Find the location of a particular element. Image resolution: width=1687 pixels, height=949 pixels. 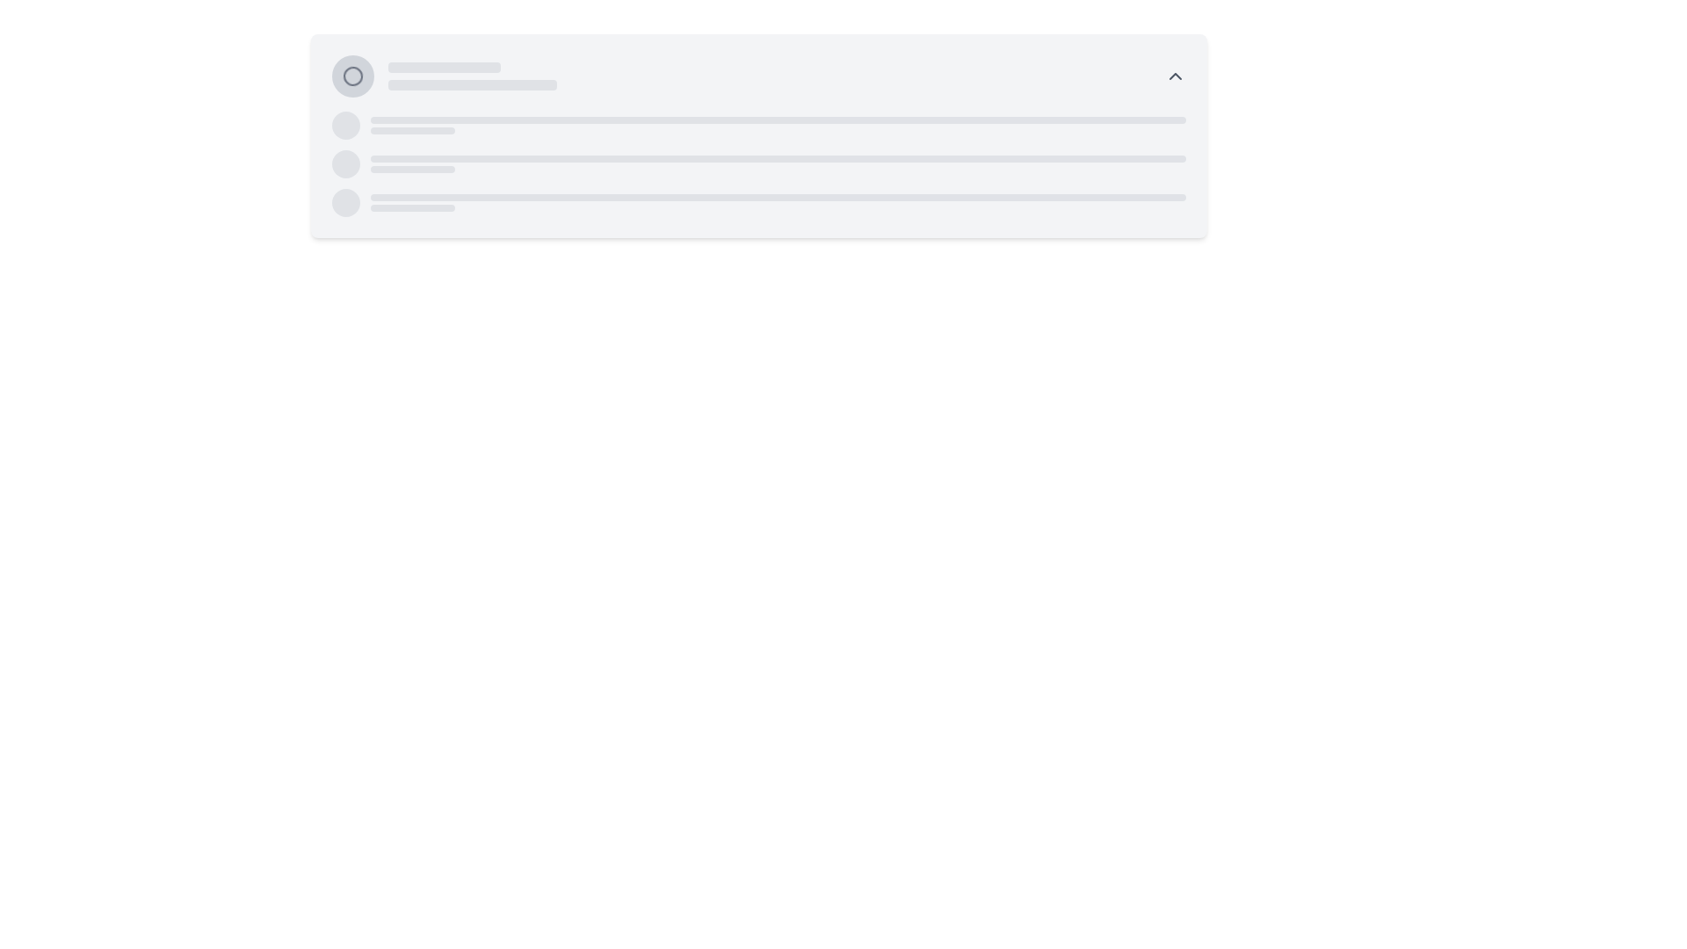

the Loader or Placeholder Bar, which is a horizontal bar with a rounded appearance, styled in light gray, located beneath a similar but longer bar in the middle section of the interface is located at coordinates (412, 206).